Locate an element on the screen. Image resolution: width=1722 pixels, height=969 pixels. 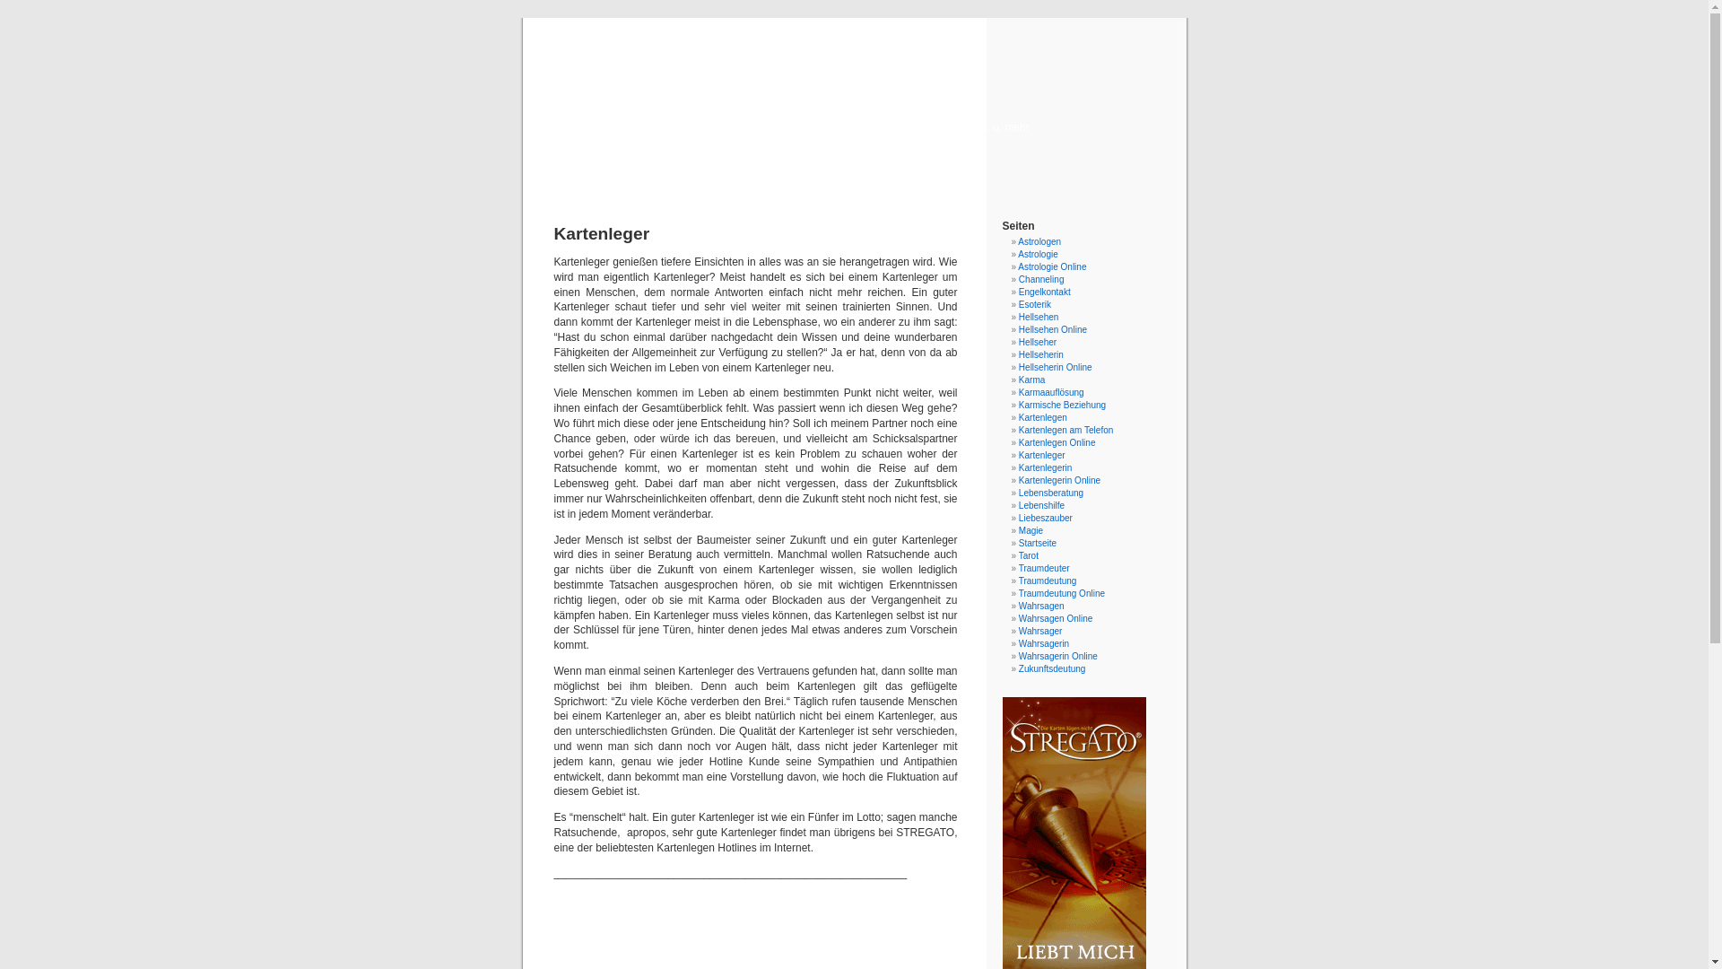
'Startseite' is located at coordinates (1037, 542).